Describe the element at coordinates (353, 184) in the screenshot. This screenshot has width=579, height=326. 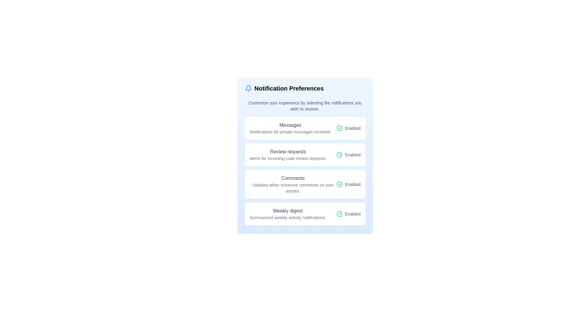
I see `the 'Enabled' text label, which is displayed in a small-sized, gray-colored font, located to the right of the green checkmark icon within the 'Comments' notification preference group` at that location.